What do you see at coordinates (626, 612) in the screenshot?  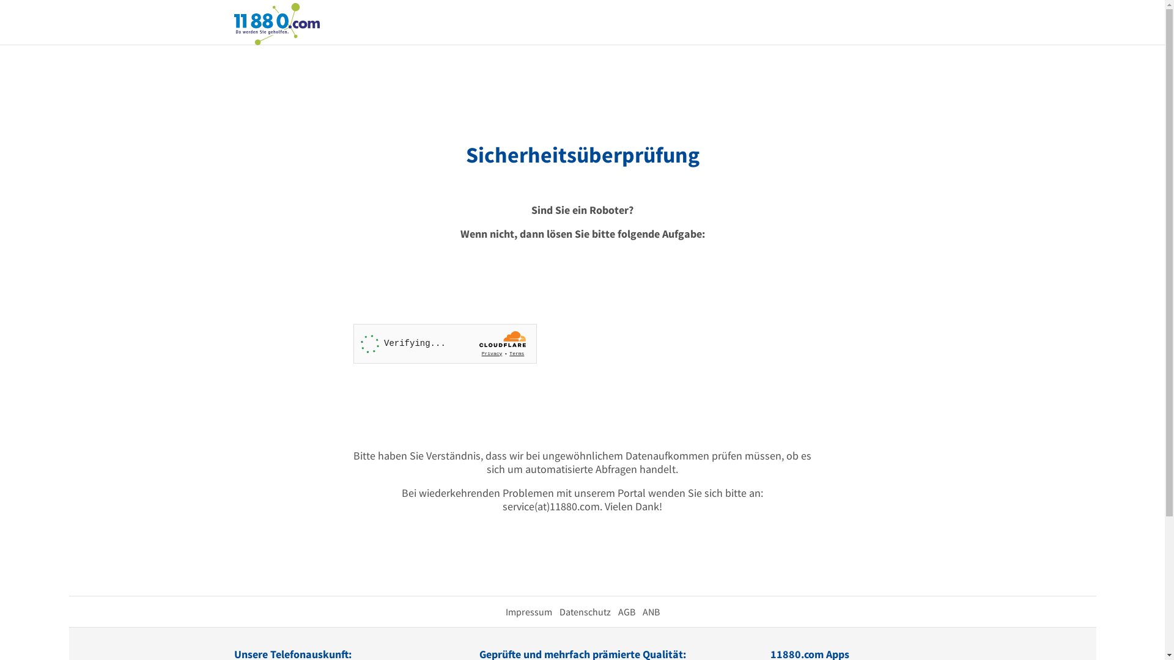 I see `'AGB'` at bounding box center [626, 612].